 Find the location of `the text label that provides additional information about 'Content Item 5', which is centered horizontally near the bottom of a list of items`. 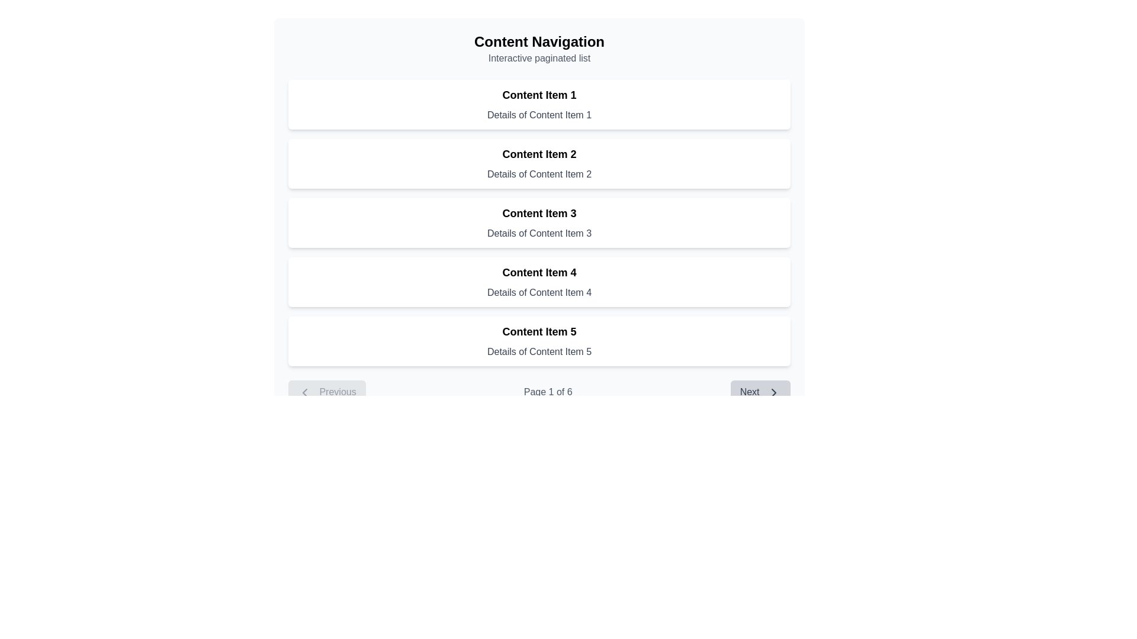

the text label that provides additional information about 'Content Item 5', which is centered horizontally near the bottom of a list of items is located at coordinates (539, 351).